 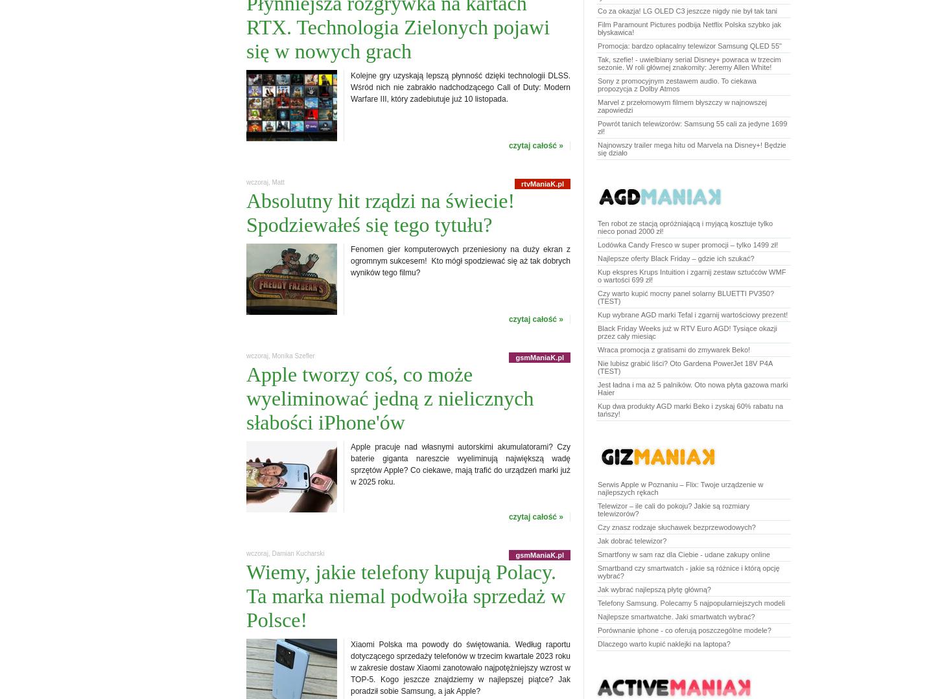 What do you see at coordinates (597, 589) in the screenshot?
I see `'Jak wybrać najlepszą płytę główną?'` at bounding box center [597, 589].